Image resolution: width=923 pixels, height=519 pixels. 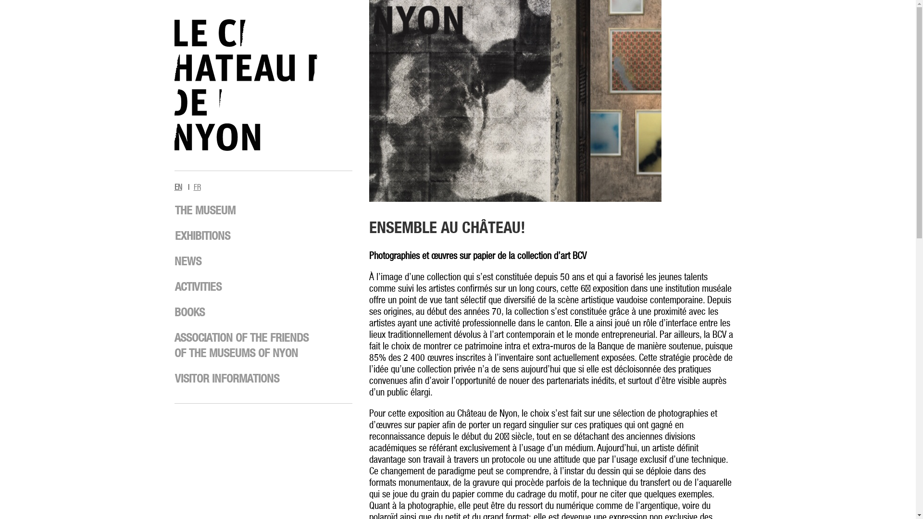 I want to click on 'ACTIVITIES', so click(x=175, y=286).